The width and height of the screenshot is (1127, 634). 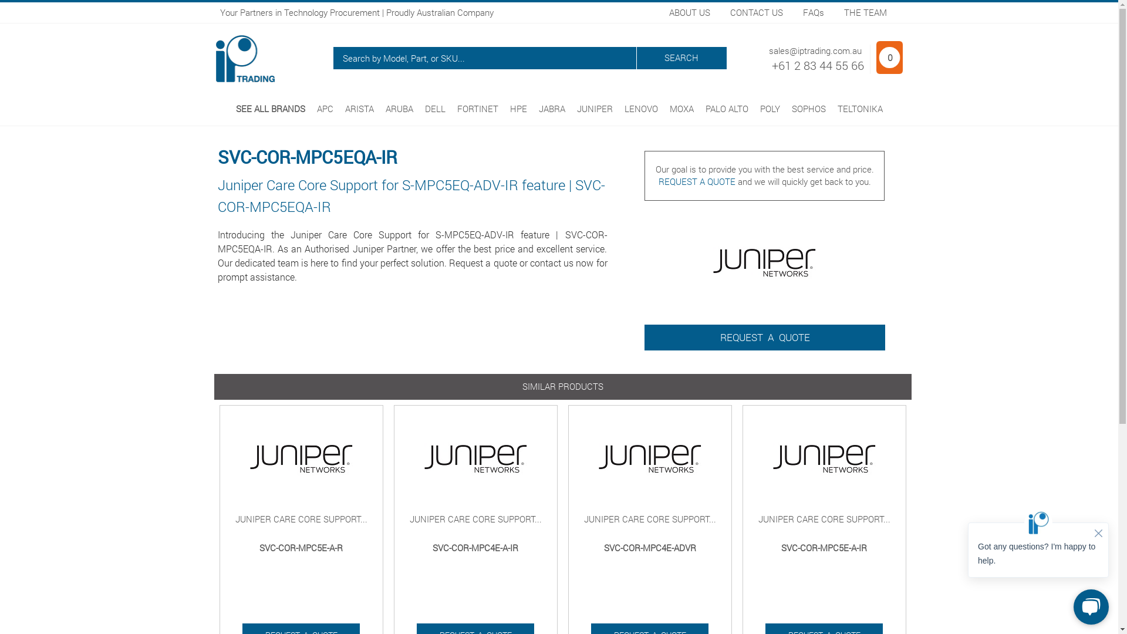 What do you see at coordinates (690, 12) in the screenshot?
I see `'ABOUT US'` at bounding box center [690, 12].